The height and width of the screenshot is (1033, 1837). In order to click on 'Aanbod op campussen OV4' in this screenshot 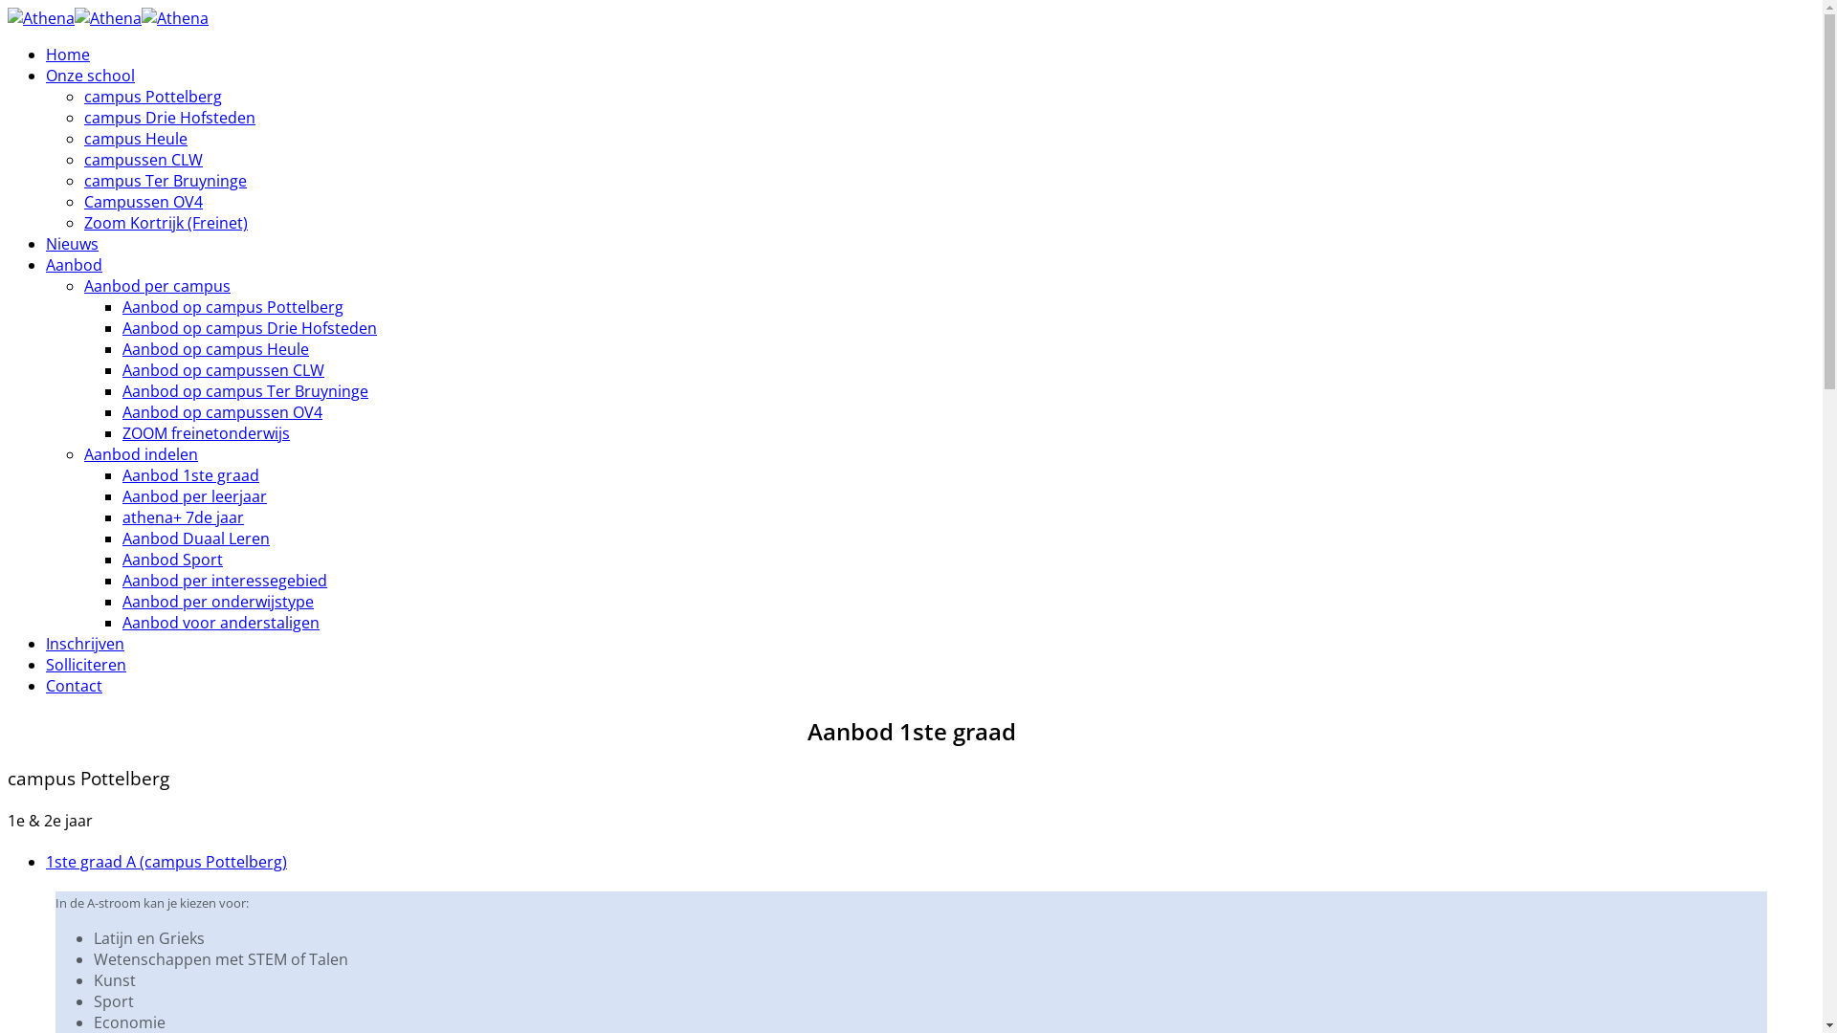, I will do `click(122, 411)`.